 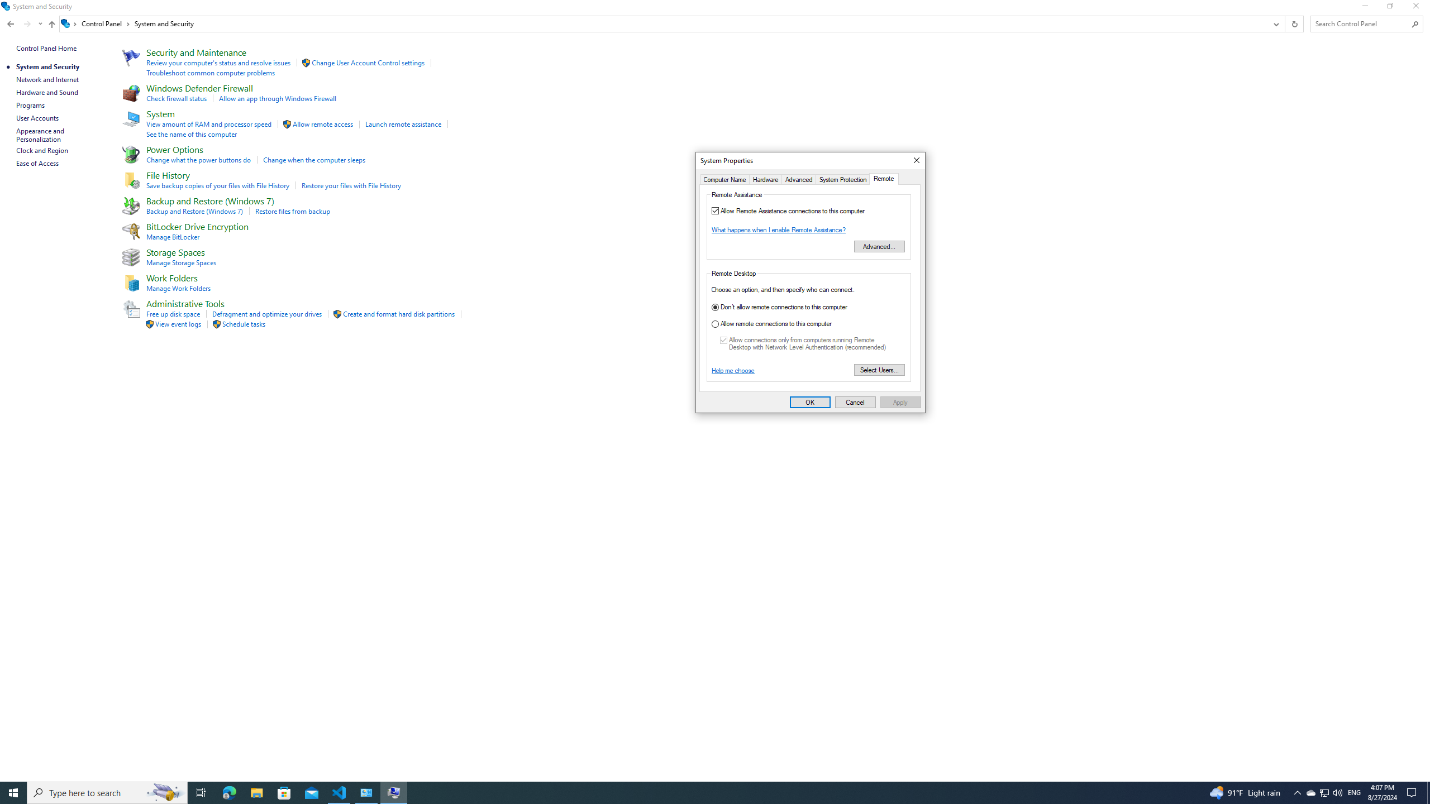 What do you see at coordinates (765, 179) in the screenshot?
I see `'Hardware'` at bounding box center [765, 179].